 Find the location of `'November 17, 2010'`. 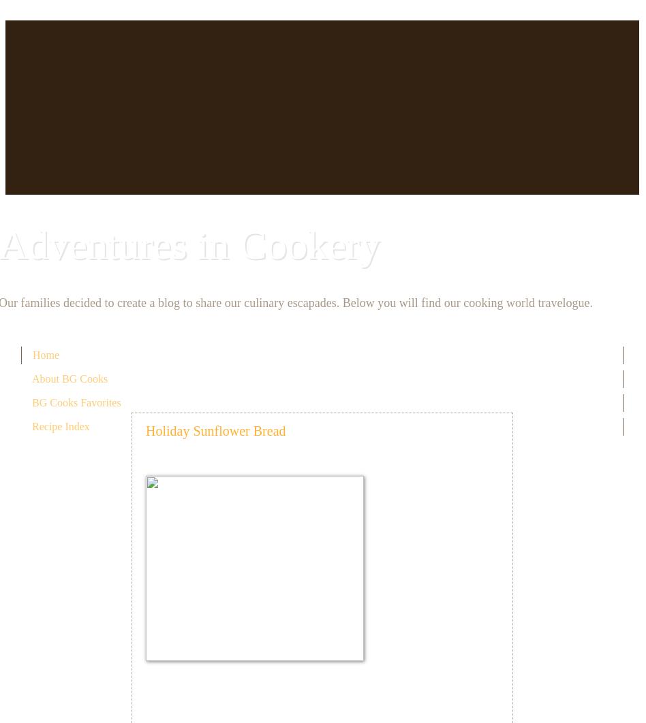

'November 17, 2010' is located at coordinates (174, 400).